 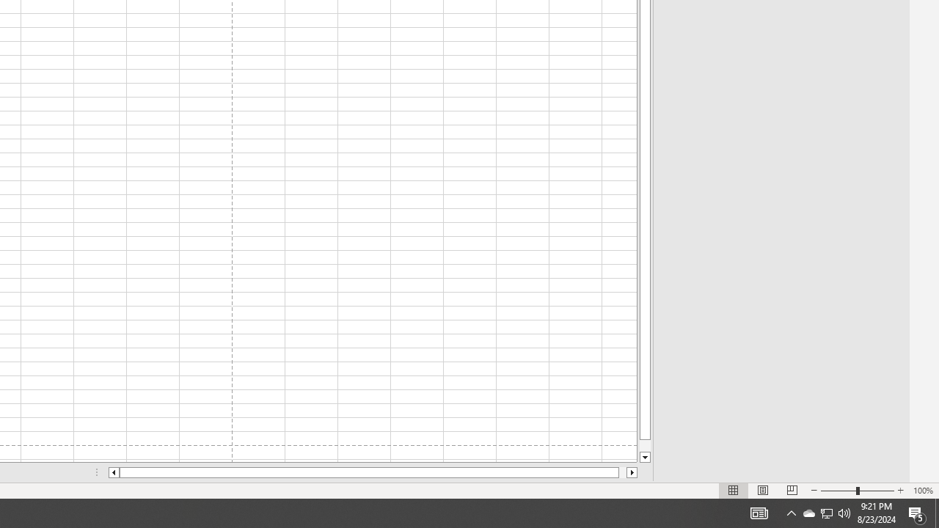 What do you see at coordinates (791, 512) in the screenshot?
I see `'Notification Chevron'` at bounding box center [791, 512].